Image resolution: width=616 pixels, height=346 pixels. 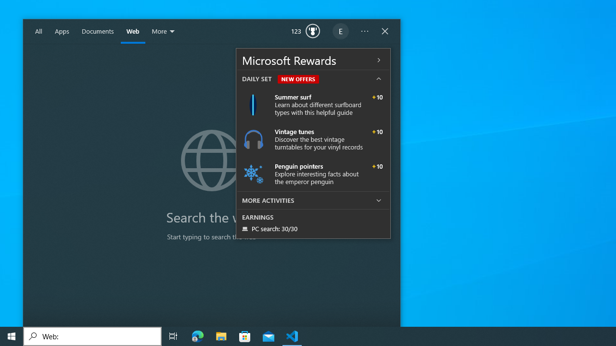 I want to click on 'Web', so click(x=132, y=31).